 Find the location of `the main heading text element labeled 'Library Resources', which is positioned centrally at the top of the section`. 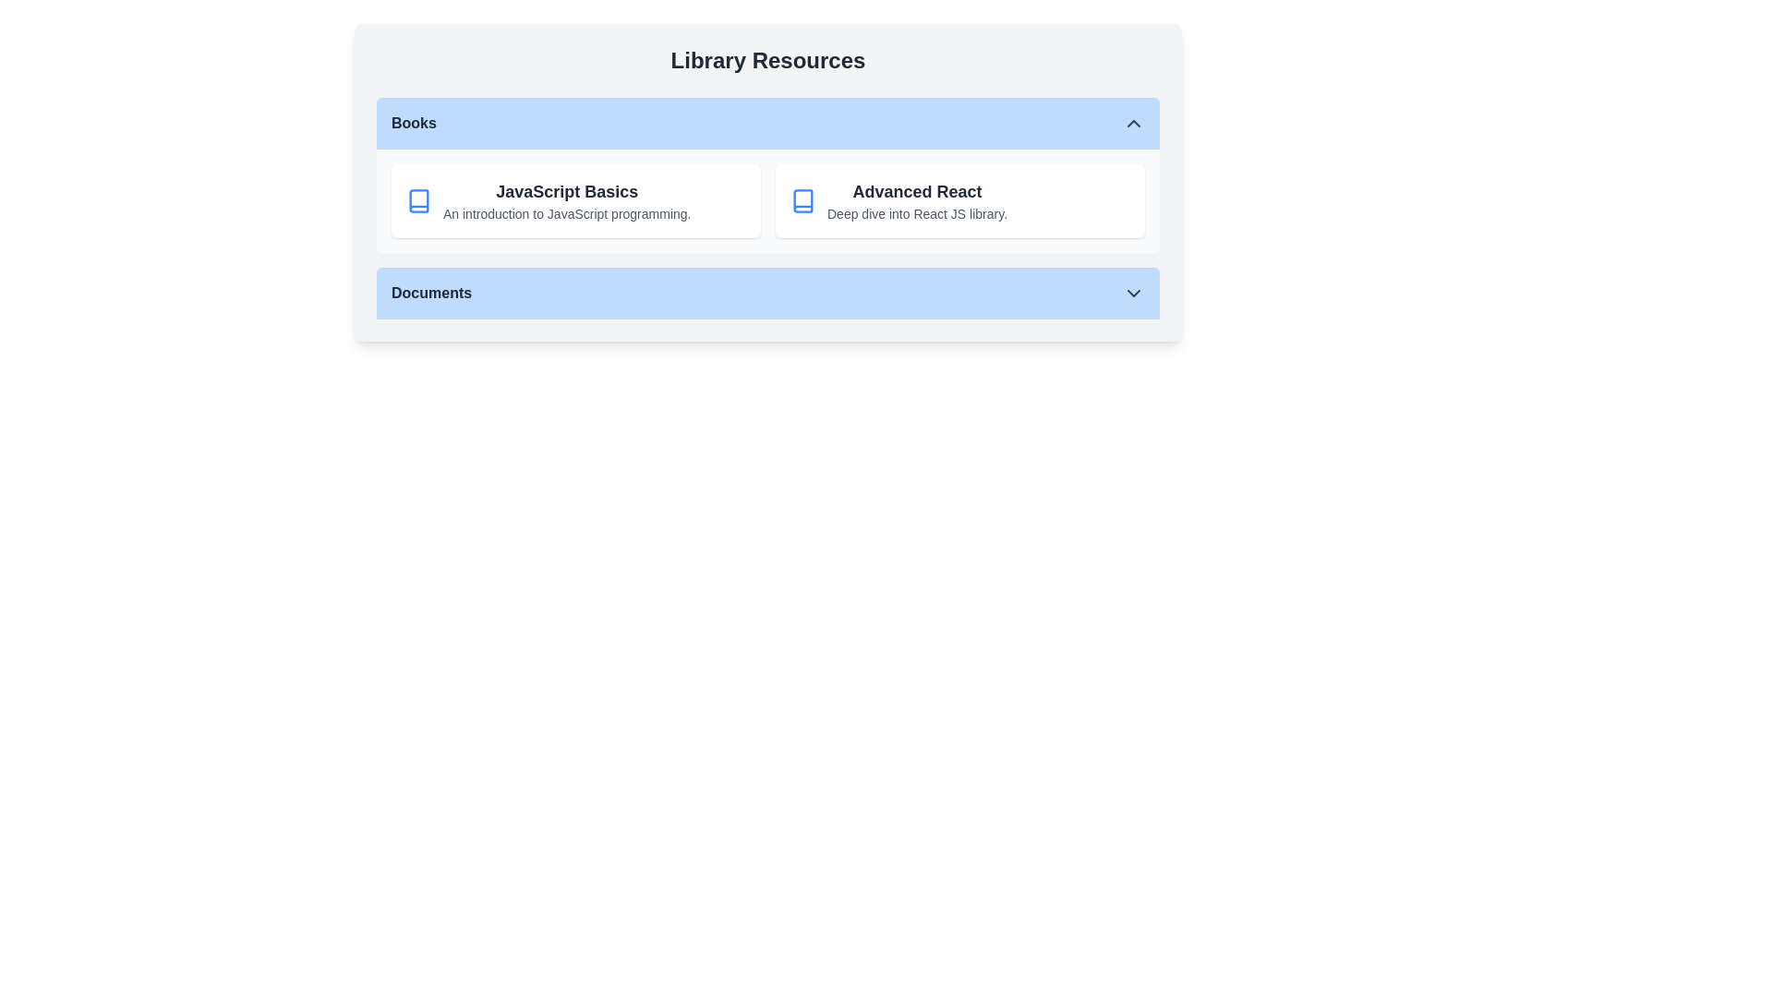

the main heading text element labeled 'Library Resources', which is positioned centrally at the top of the section is located at coordinates (767, 59).